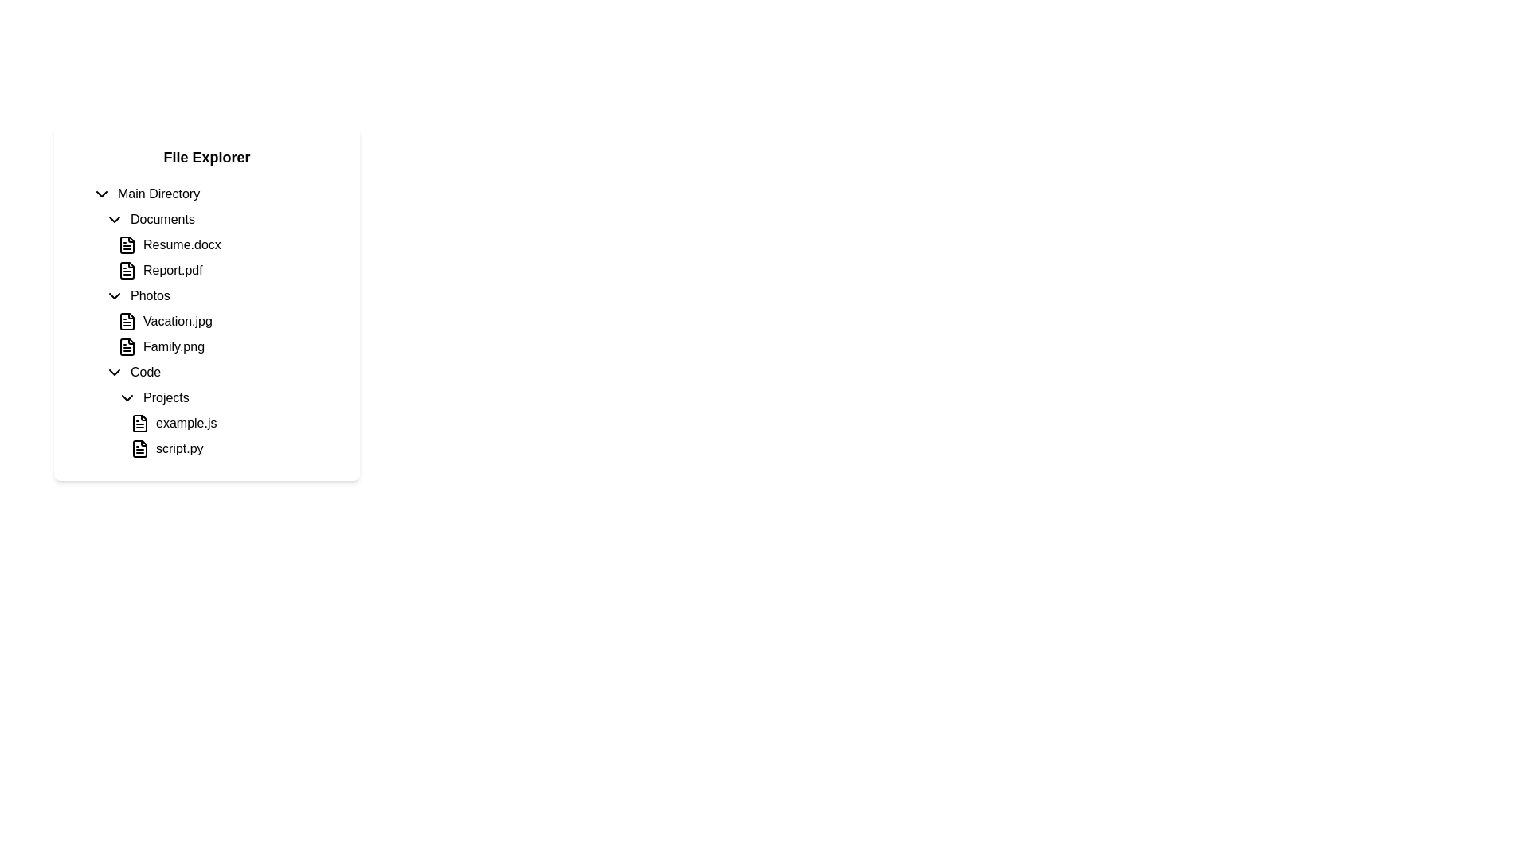 The width and height of the screenshot is (1529, 860). Describe the element at coordinates (173, 346) in the screenshot. I see `on the text label representing the file named 'Family.png'` at that location.